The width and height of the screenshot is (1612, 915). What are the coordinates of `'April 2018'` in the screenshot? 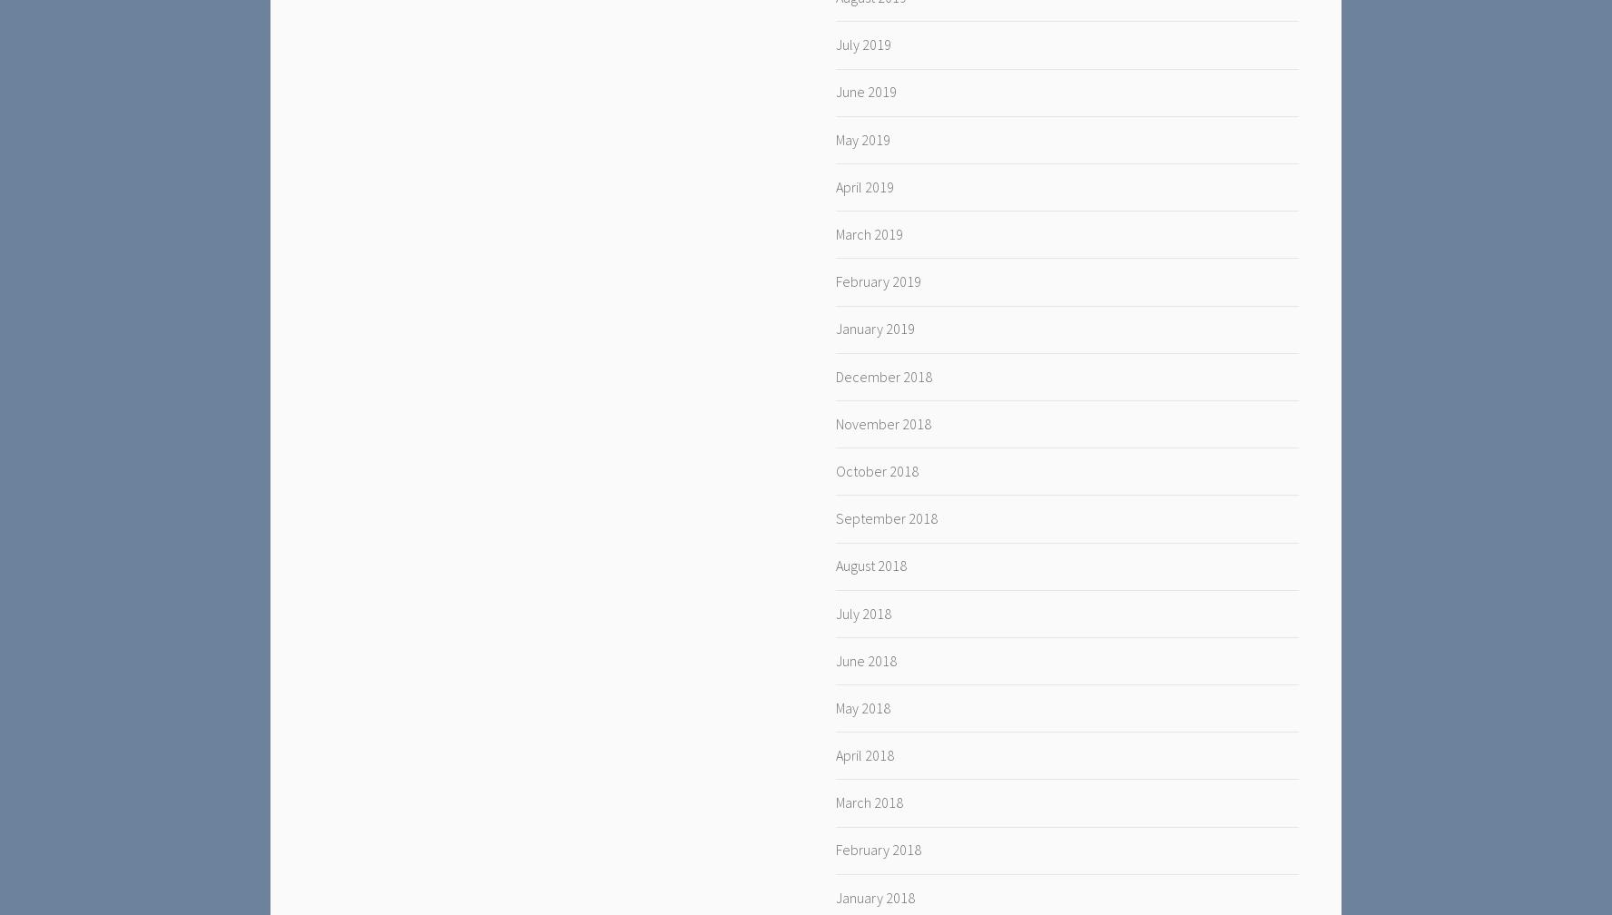 It's located at (862, 755).